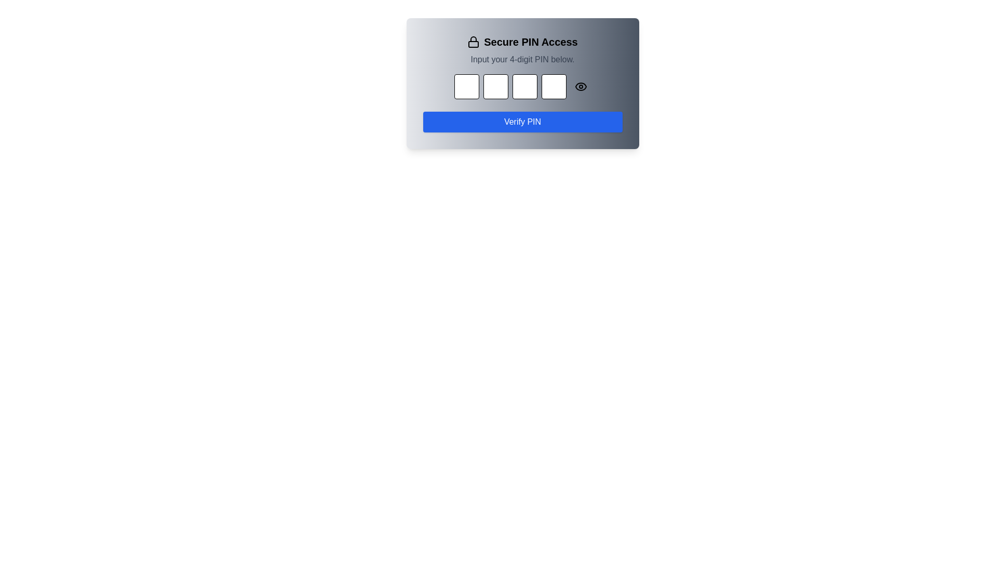  I want to click on the lock icon, which is an SVG-based Decorative Icon located to the left of the text 'Secure PIN Access' in the title section of the panel, so click(473, 42).